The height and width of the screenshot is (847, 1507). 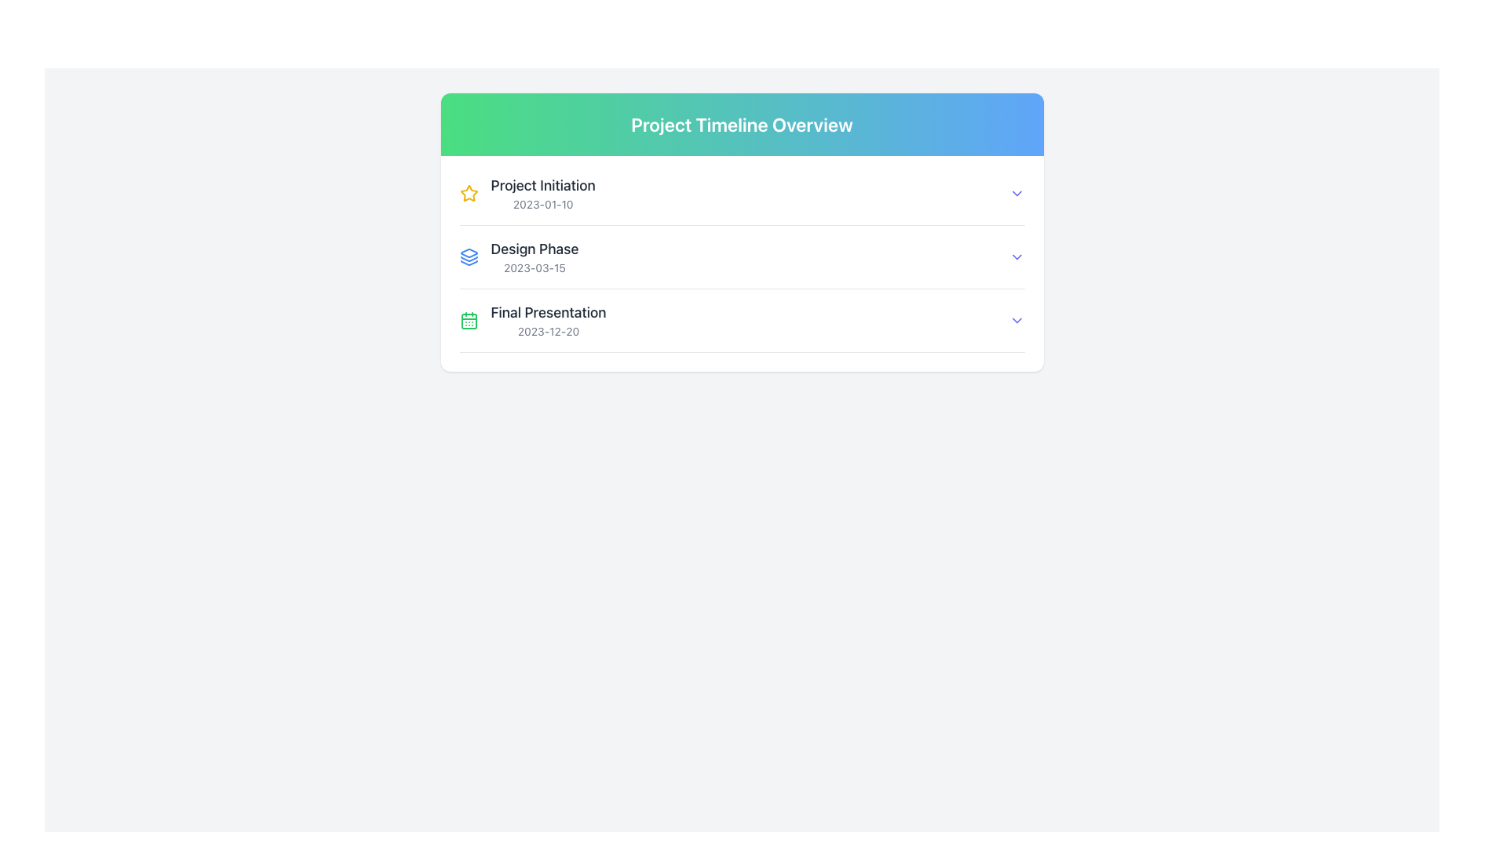 What do you see at coordinates (549, 319) in the screenshot?
I see `text from the Text Block containing 'Final Presentation' and '2023-12-20', which is the third item in the vertical timeline list` at bounding box center [549, 319].